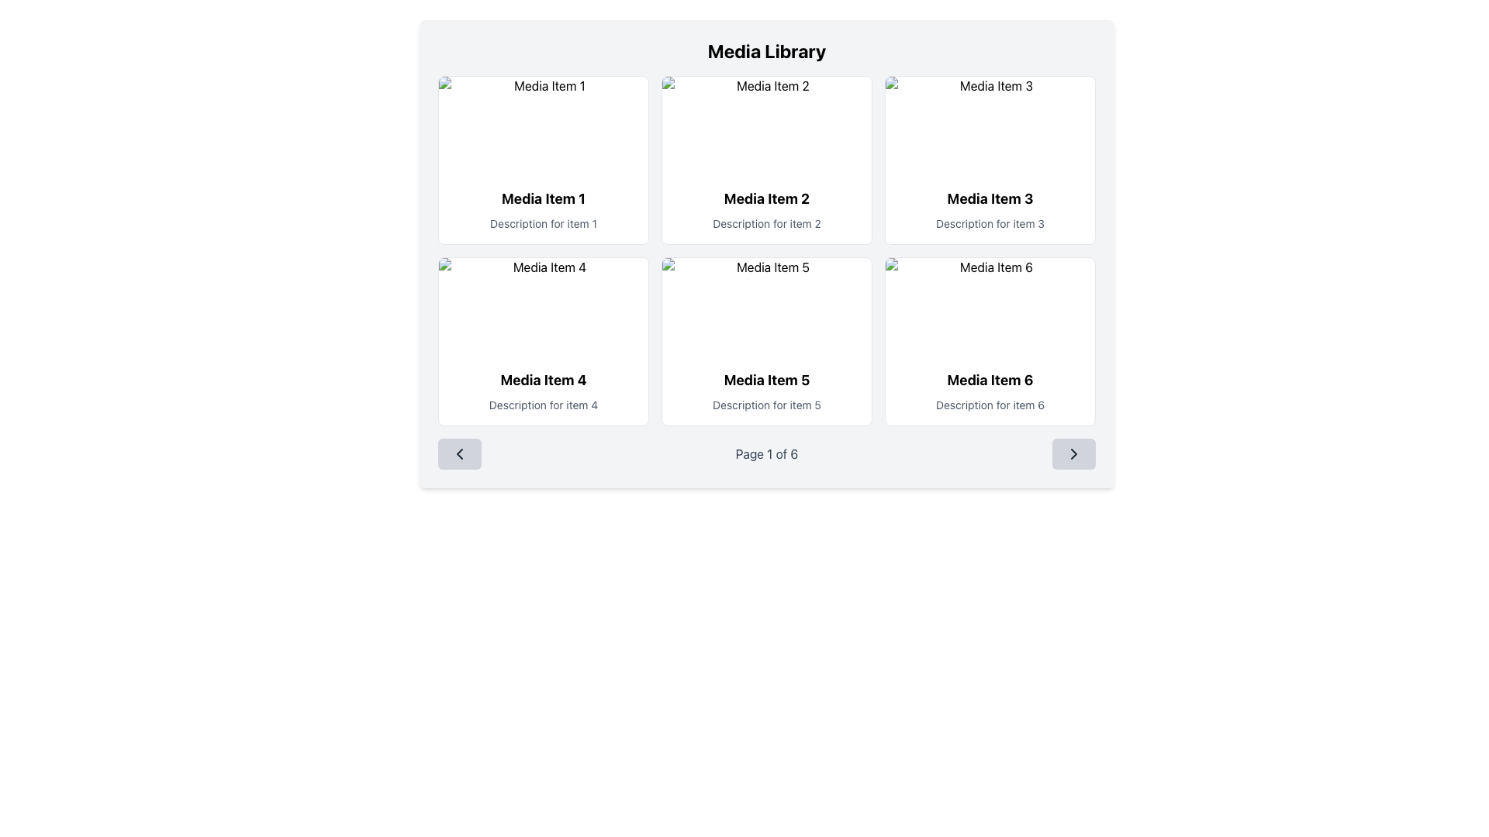 This screenshot has height=837, width=1489. Describe the element at coordinates (766, 198) in the screenshot. I see `text displayed in the label 'Media Item 2', which is bold and located in the central column of the top row in a card layout` at that location.